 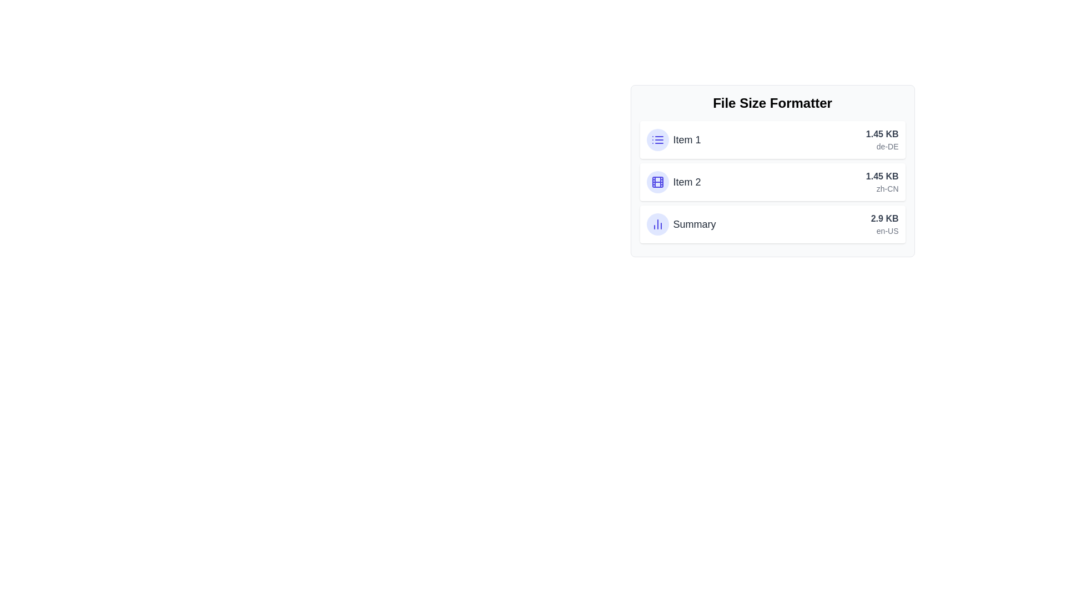 I want to click on the static text label displaying '1.45 KB', which is located in the upper-right corner of the 'File Size Formatter' section, part of the first row associated with 'Item 1', so click(x=882, y=134).